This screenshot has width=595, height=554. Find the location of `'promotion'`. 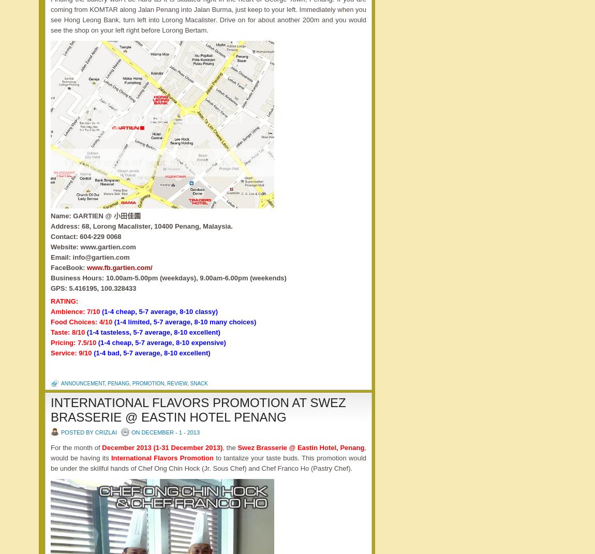

'promotion' is located at coordinates (147, 383).